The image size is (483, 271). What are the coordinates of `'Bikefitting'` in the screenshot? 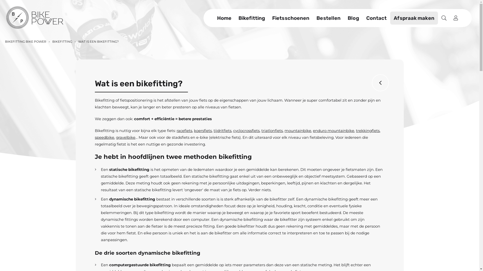 It's located at (235, 18).